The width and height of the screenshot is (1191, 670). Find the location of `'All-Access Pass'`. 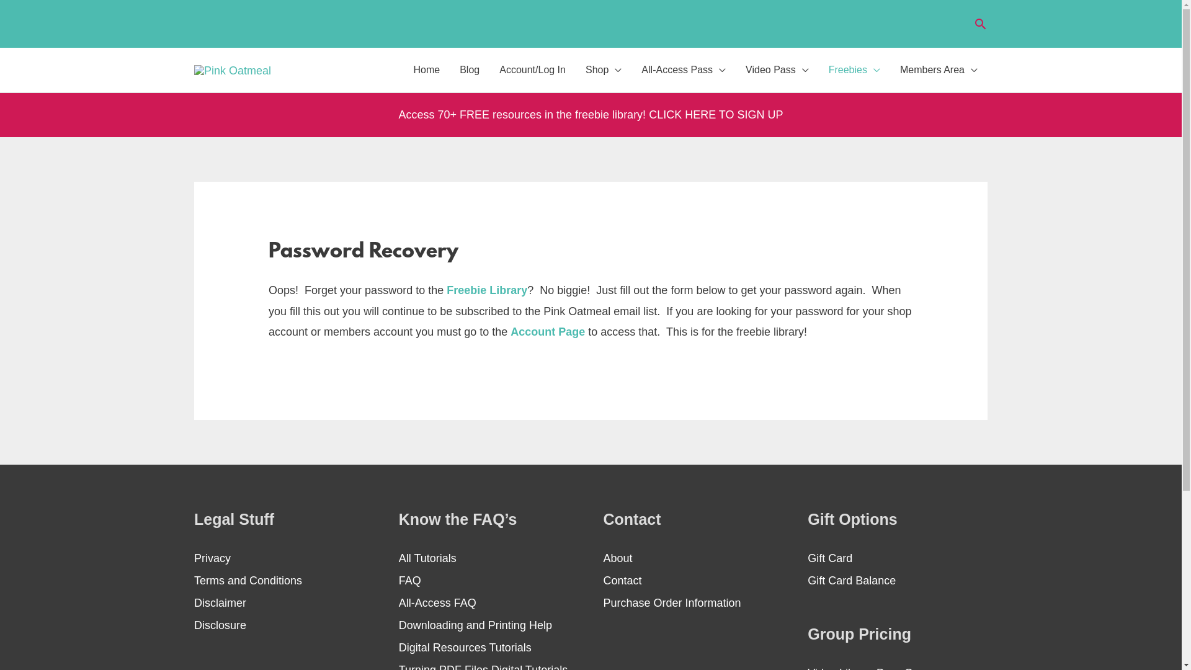

'All-Access Pass' is located at coordinates (683, 69).